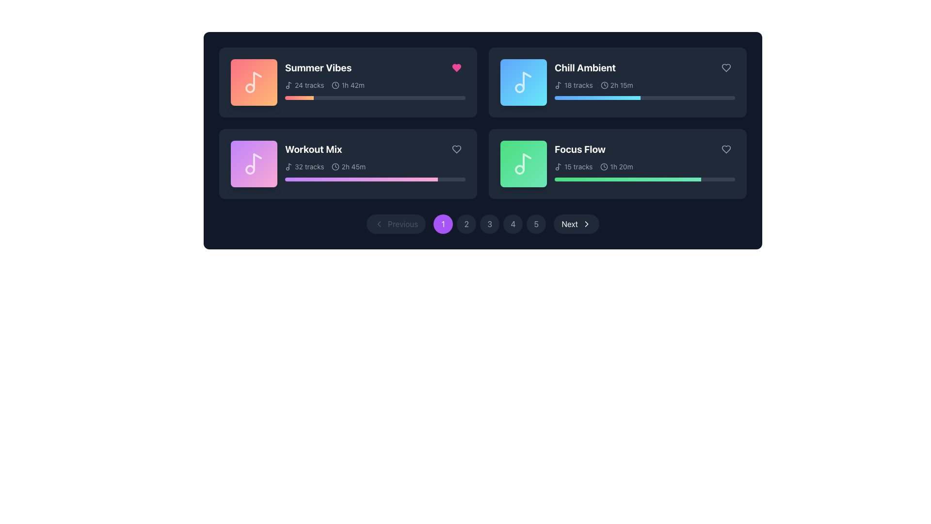 The image size is (931, 524). I want to click on text value displayed in the bold, large font labeled 'Chill Ambient' located in the upper-right card of the grid layout, so click(585, 67).